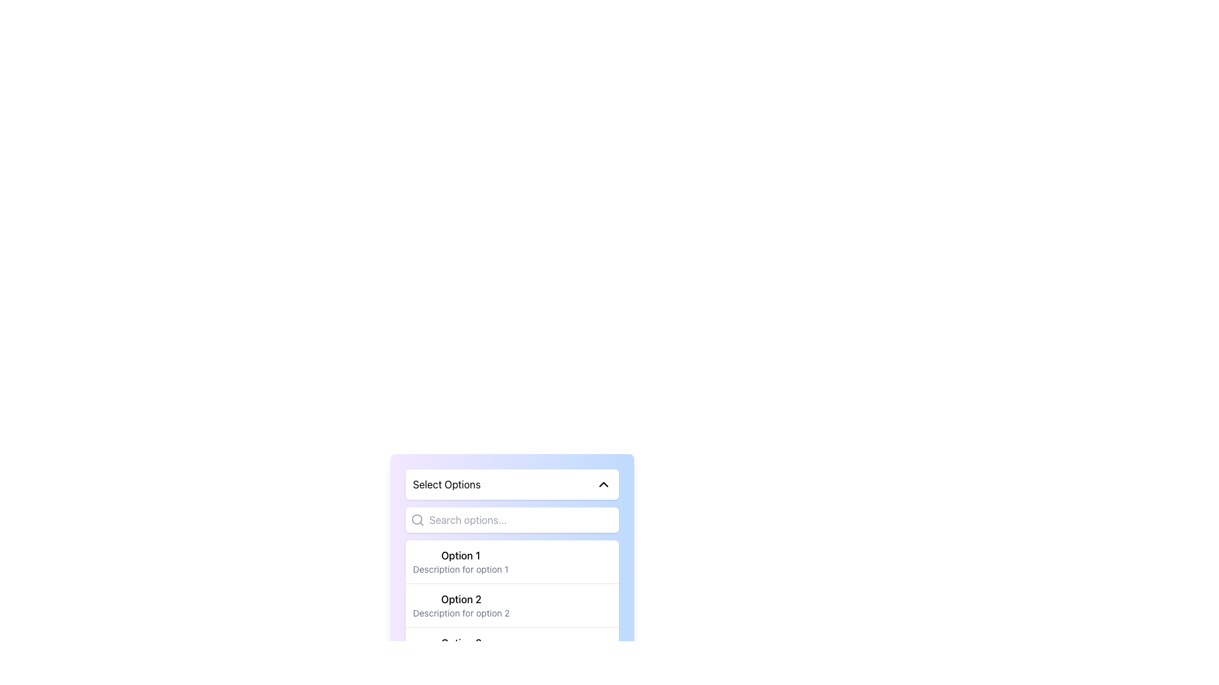 This screenshot has width=1219, height=685. Describe the element at coordinates (460, 613) in the screenshot. I see `the static text element that describes 'Option 2' in the dropdown menu, which is located directly below the bold text of 'Option 2'` at that location.